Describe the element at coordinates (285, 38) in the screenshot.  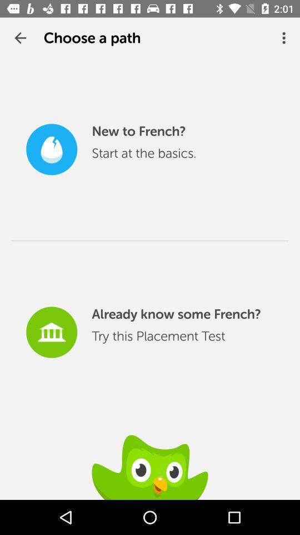
I see `the app to the right of the choose a path item` at that location.